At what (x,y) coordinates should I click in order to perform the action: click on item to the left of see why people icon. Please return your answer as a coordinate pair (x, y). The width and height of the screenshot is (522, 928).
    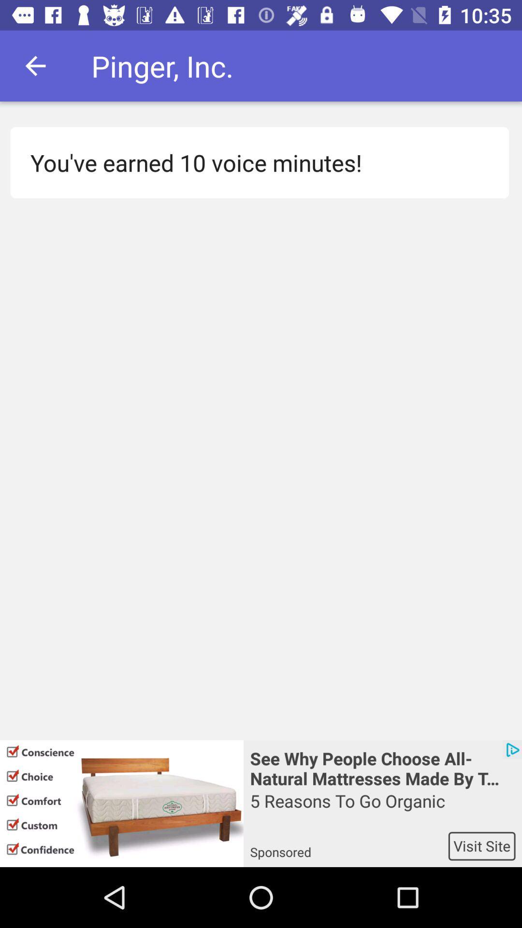
    Looking at the image, I should click on (121, 803).